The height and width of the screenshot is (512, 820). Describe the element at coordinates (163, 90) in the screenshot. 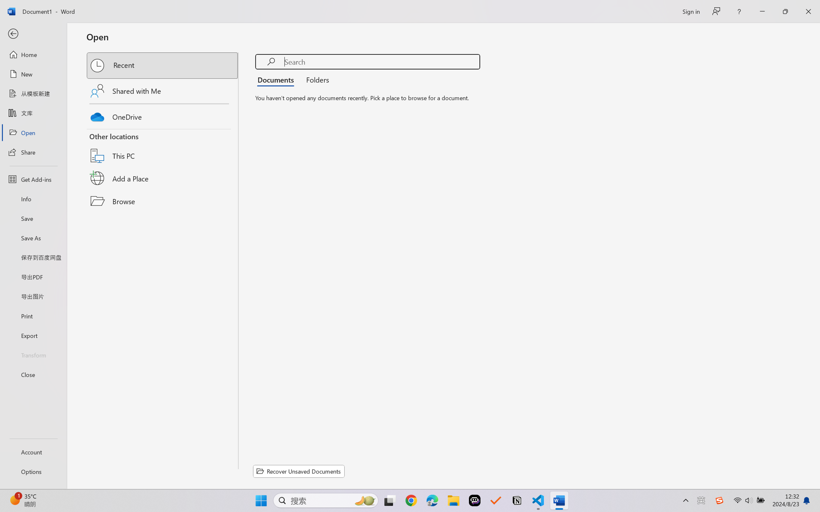

I see `'Shared with Me'` at that location.